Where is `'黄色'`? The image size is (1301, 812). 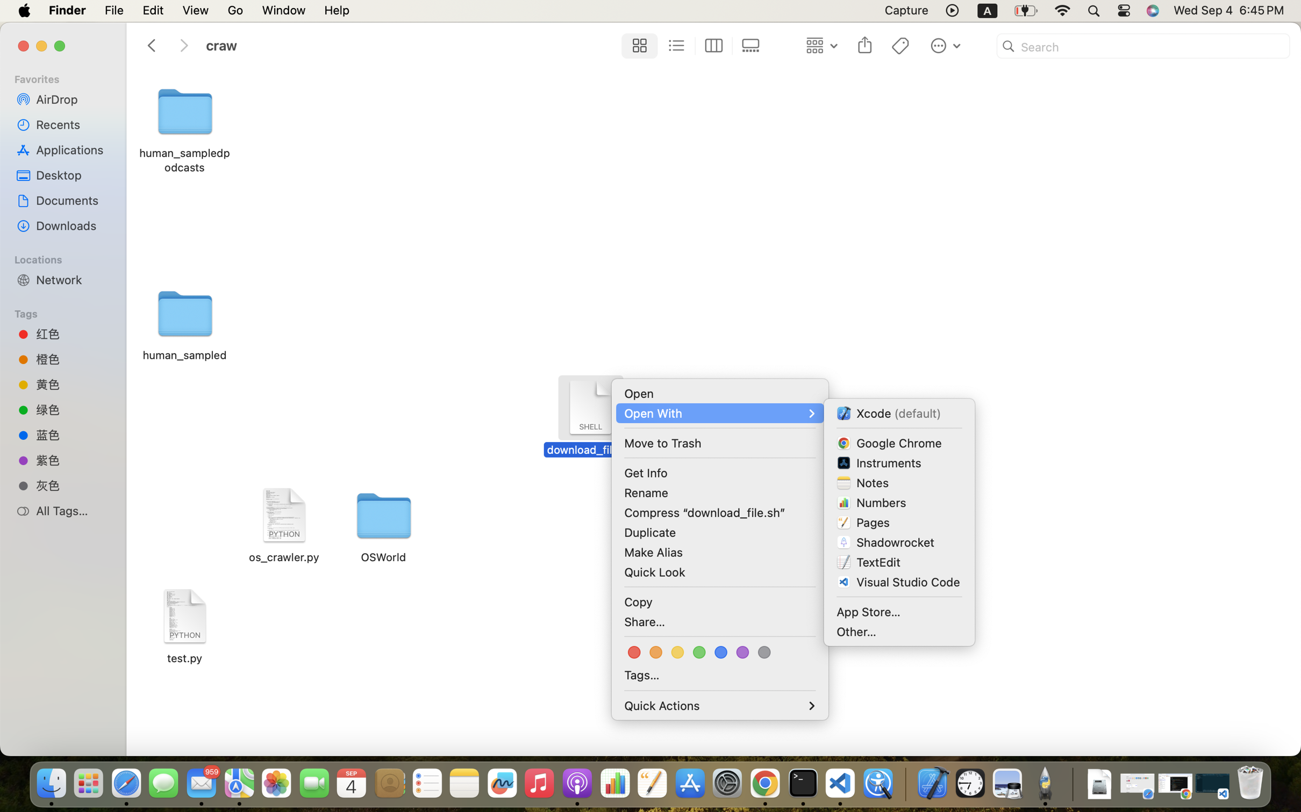
'黄色' is located at coordinates (72, 383).